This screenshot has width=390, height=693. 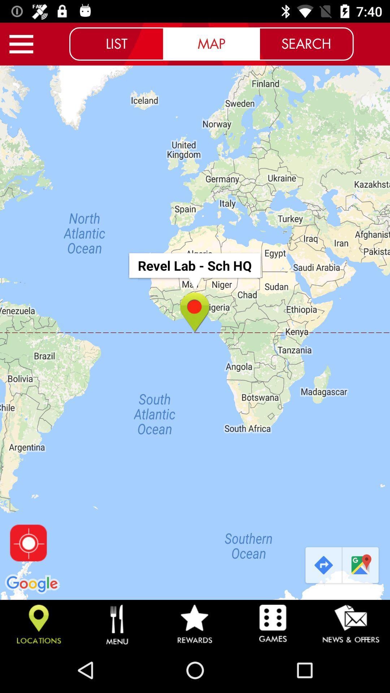 What do you see at coordinates (21, 44) in the screenshot?
I see `the icon to the left of the list icon` at bounding box center [21, 44].